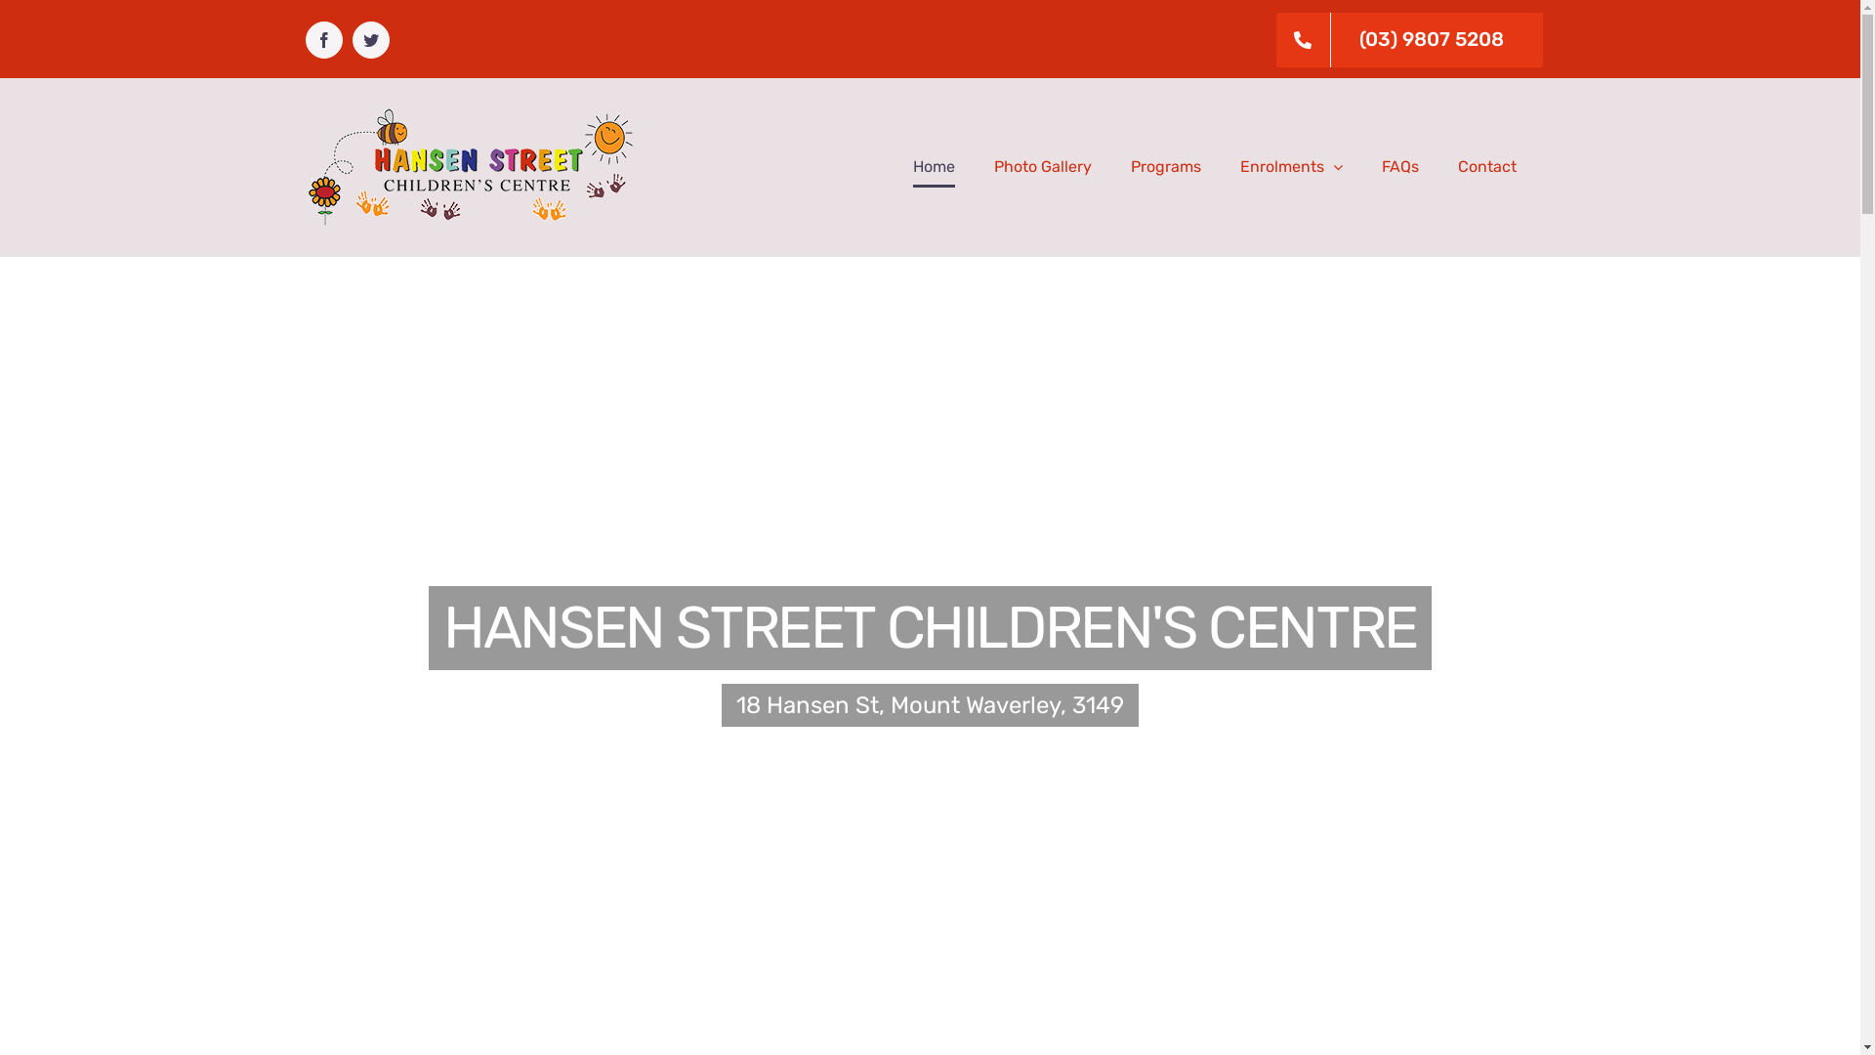 Image resolution: width=1875 pixels, height=1055 pixels. I want to click on 'Contact', so click(1484, 165).